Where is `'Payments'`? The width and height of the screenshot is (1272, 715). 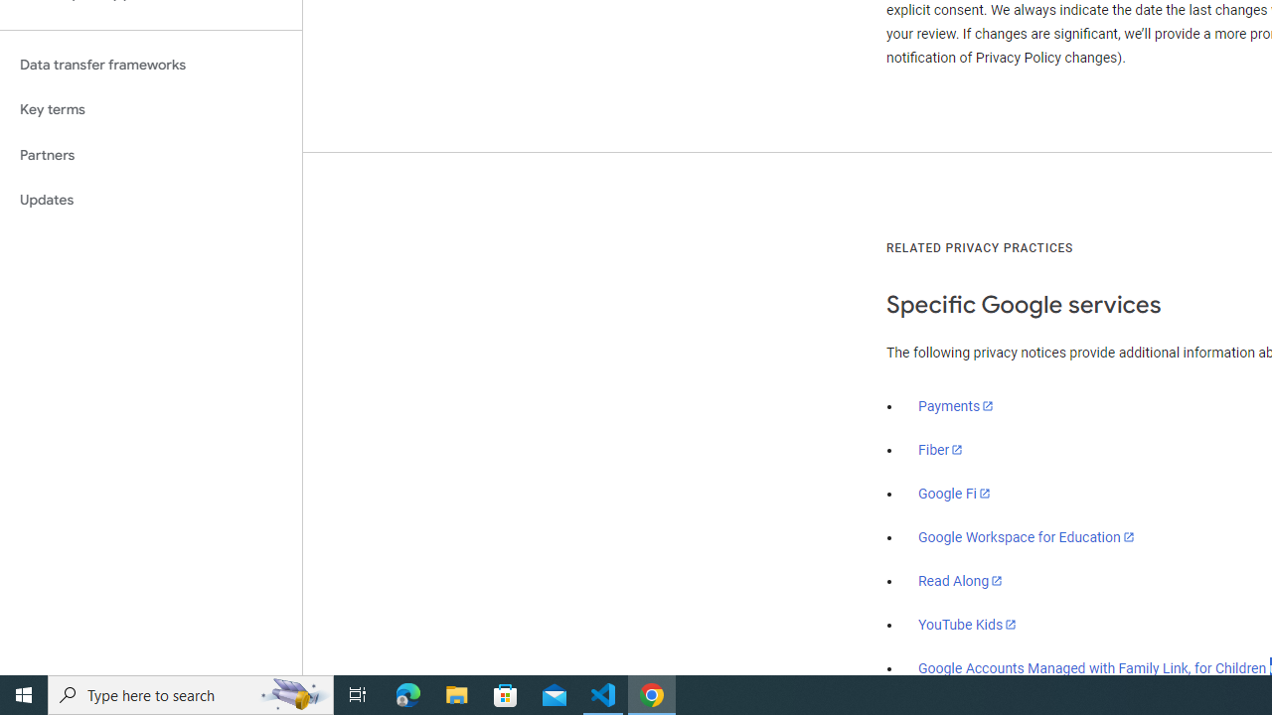 'Payments' is located at coordinates (956, 405).